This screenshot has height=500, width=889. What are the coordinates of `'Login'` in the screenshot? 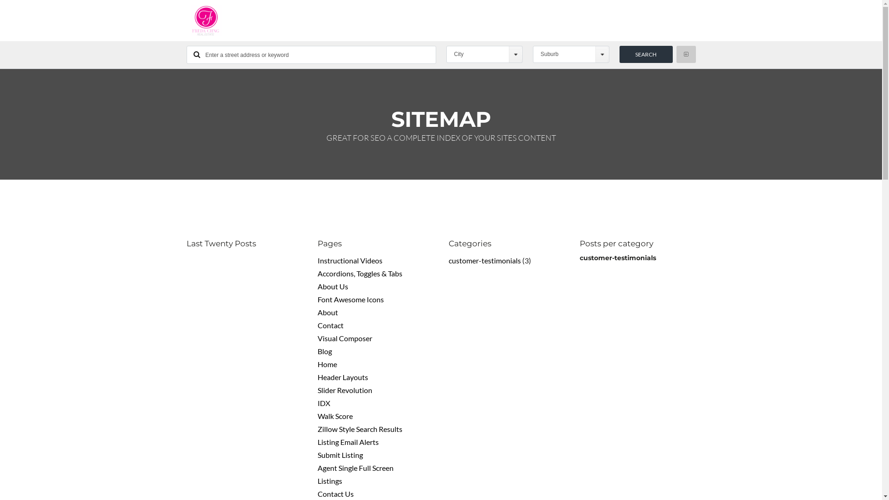 It's located at (413, 370).